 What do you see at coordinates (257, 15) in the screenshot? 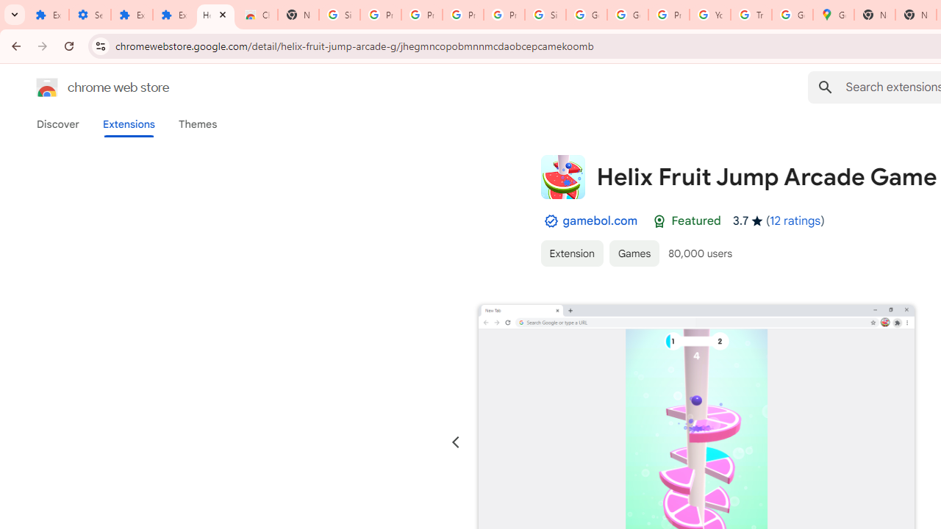
I see `'Chrome Web Store - Themes'` at bounding box center [257, 15].